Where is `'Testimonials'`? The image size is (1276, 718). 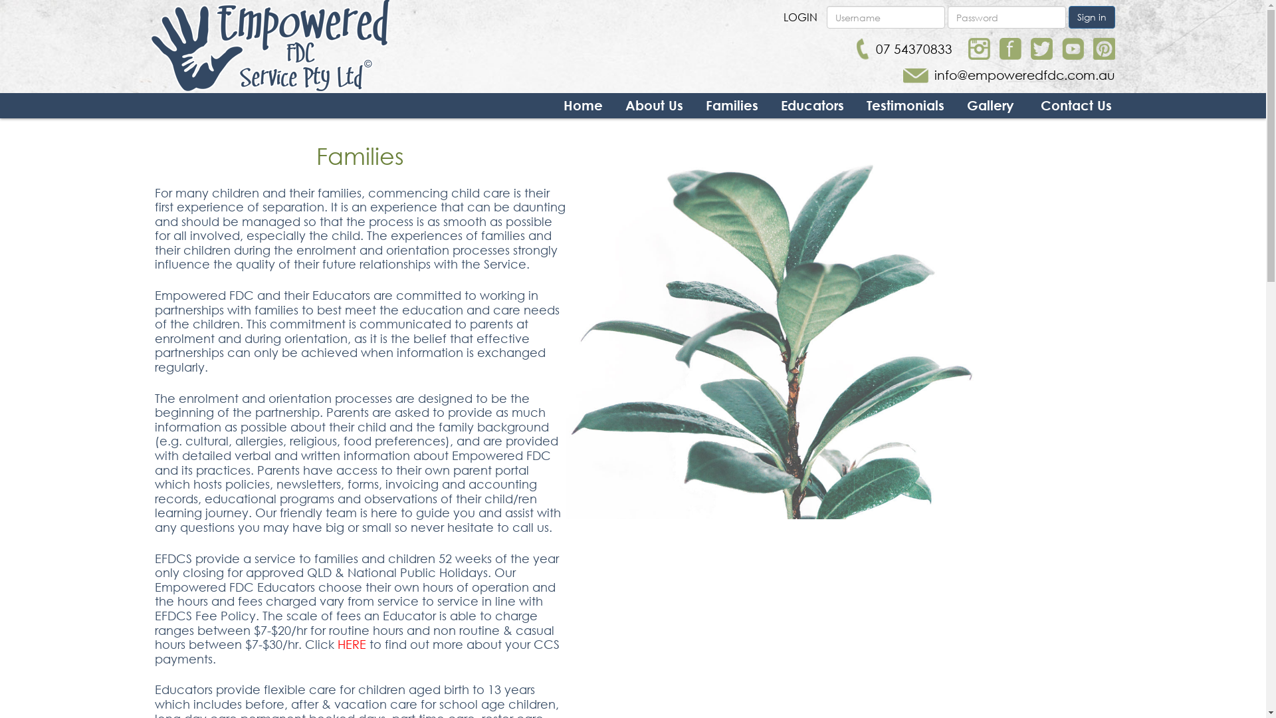
'Testimonials' is located at coordinates (904, 104).